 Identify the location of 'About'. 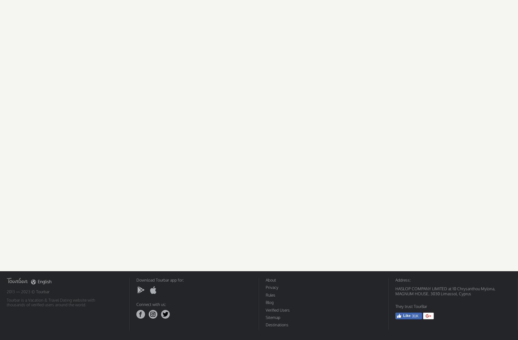
(270, 280).